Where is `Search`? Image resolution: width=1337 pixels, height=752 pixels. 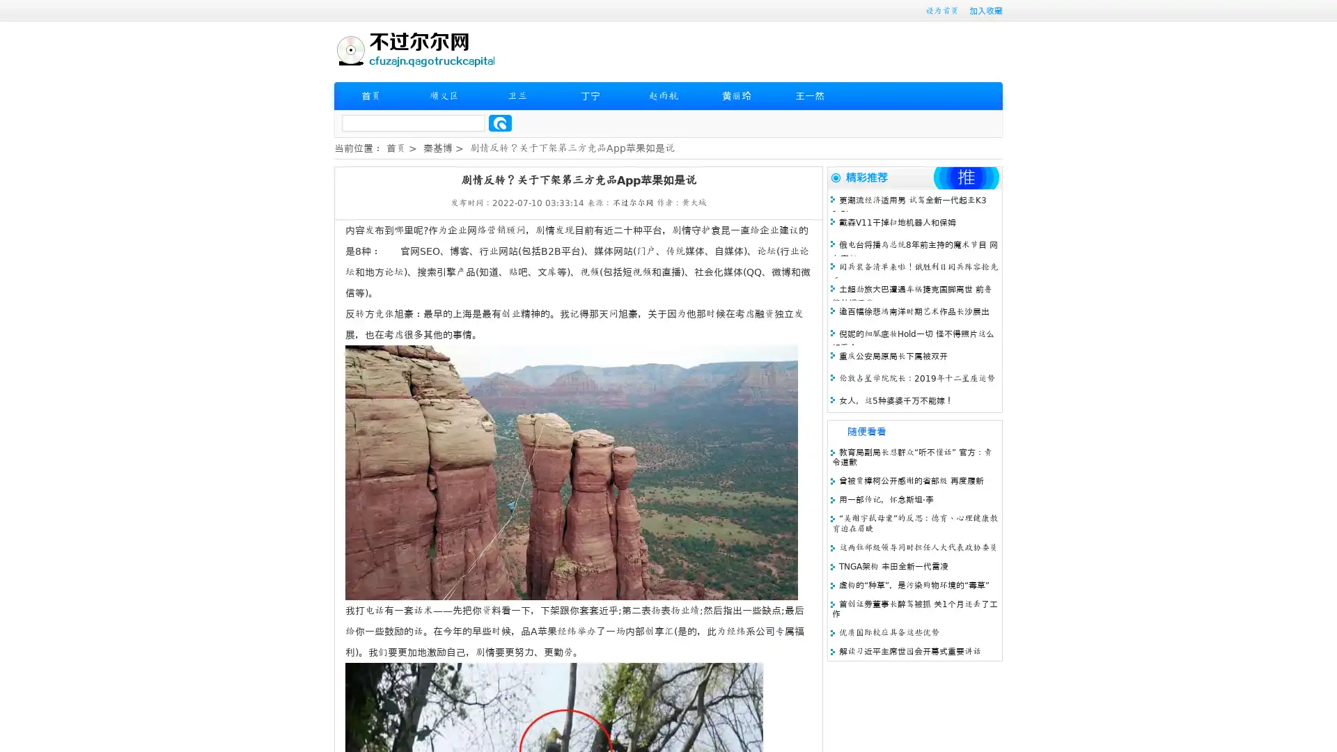 Search is located at coordinates (500, 123).